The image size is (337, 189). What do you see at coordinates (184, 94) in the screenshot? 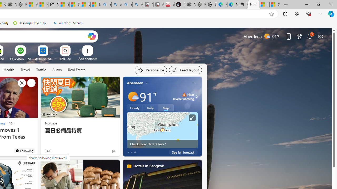
I see `'Heat - Severe'` at bounding box center [184, 94].